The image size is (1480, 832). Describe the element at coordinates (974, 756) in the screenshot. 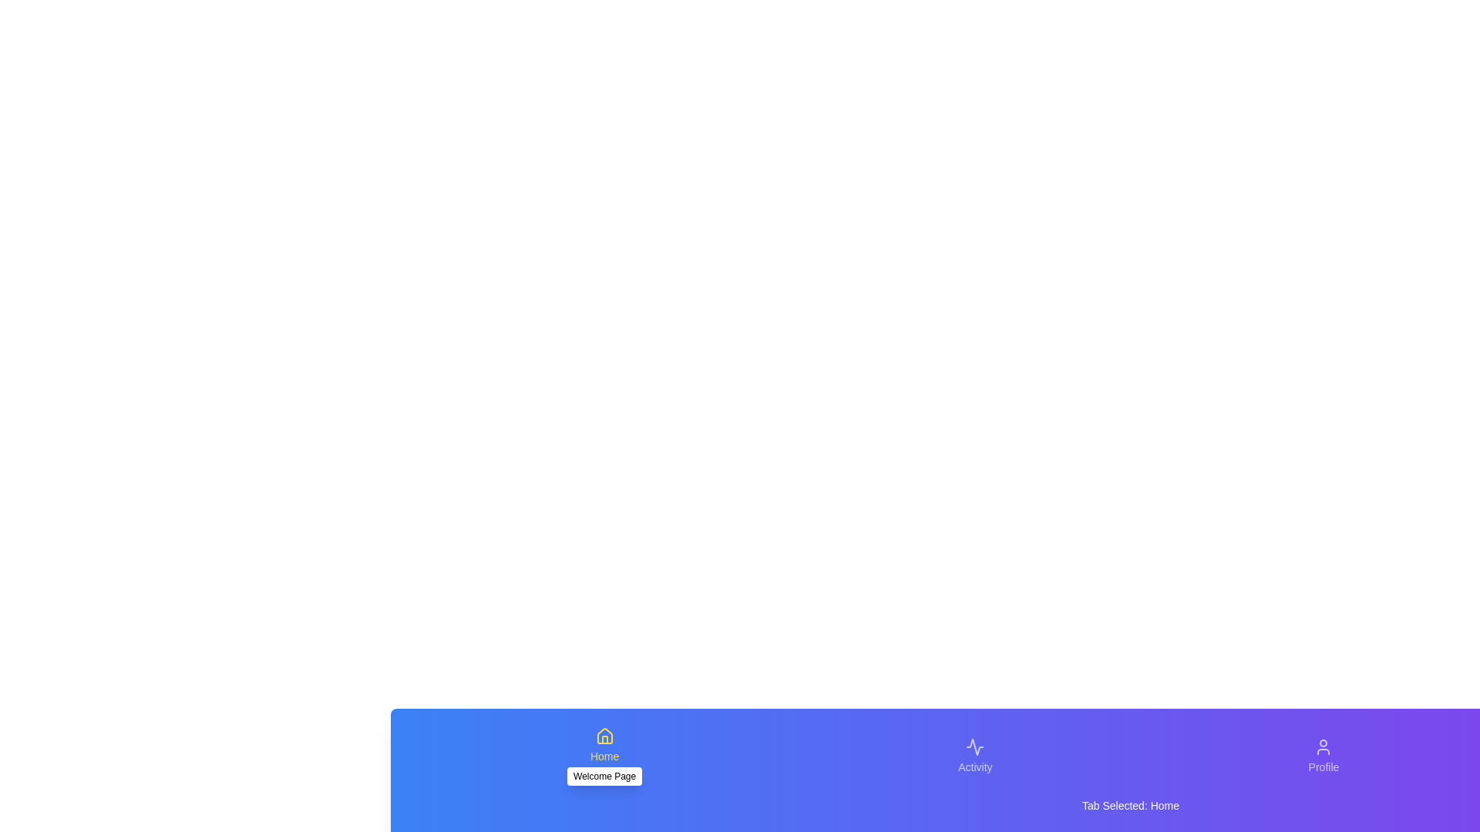

I see `the Activity tab to activate it` at that location.